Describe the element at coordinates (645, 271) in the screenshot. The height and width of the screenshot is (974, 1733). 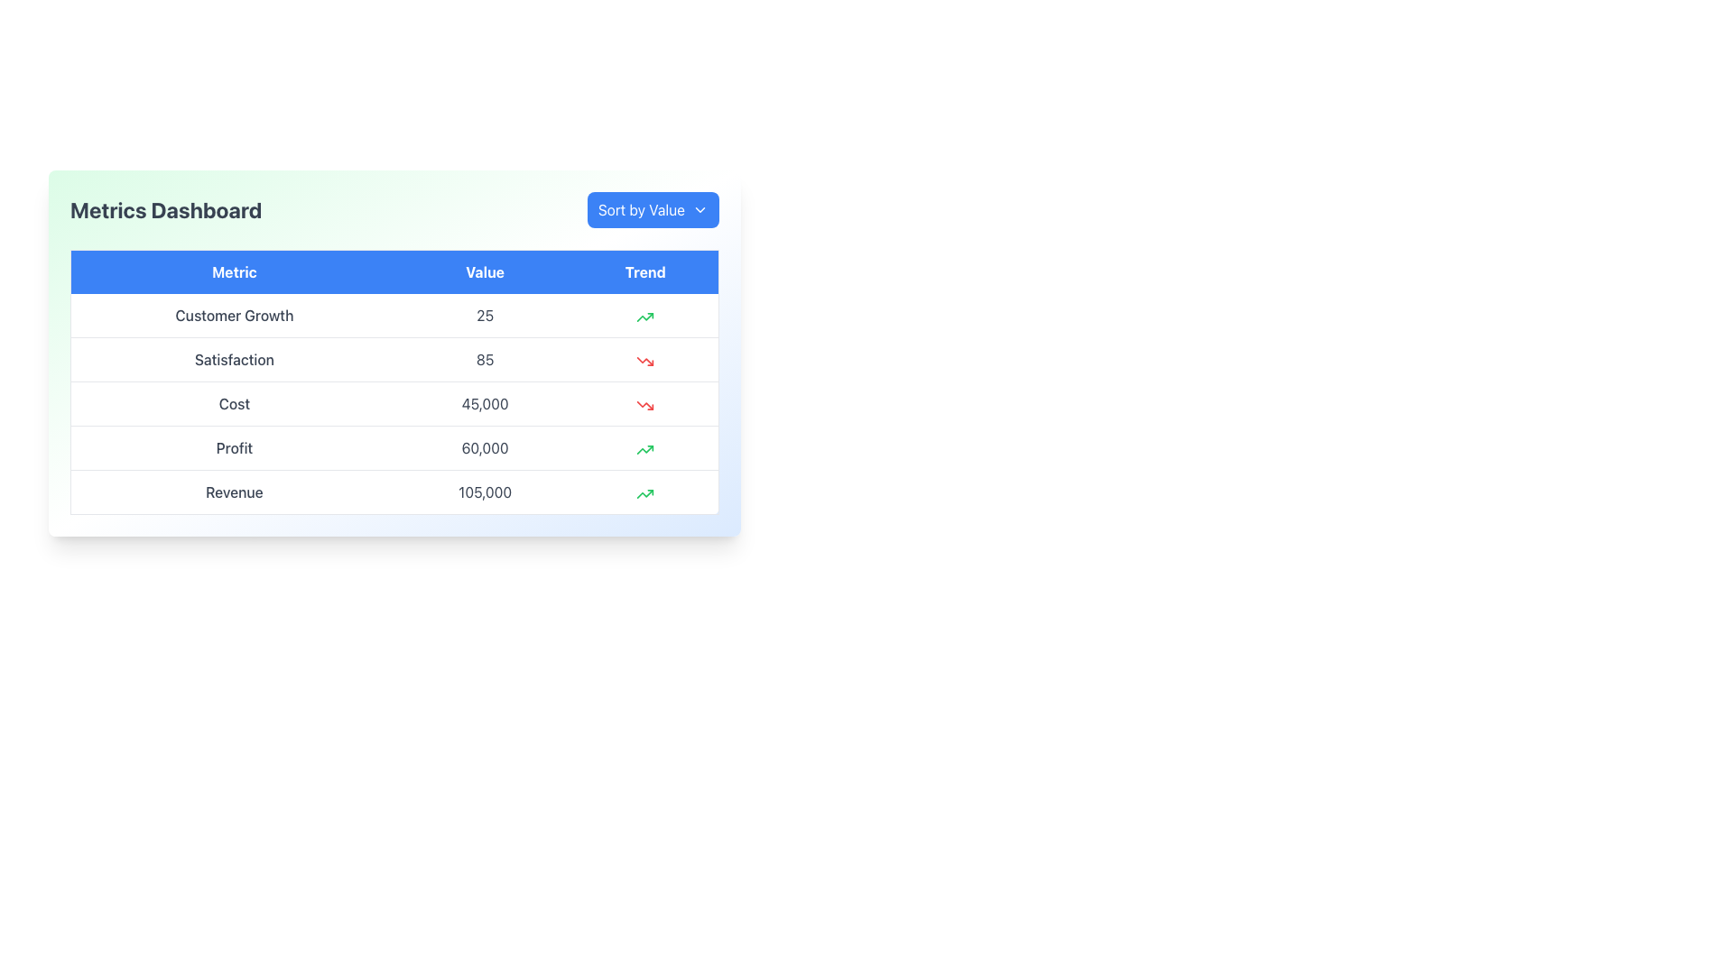
I see `the label with a blue background containing the white text 'Trend' in bold, which is the third item in the header row of a table within a metrics dashboard interface` at that location.